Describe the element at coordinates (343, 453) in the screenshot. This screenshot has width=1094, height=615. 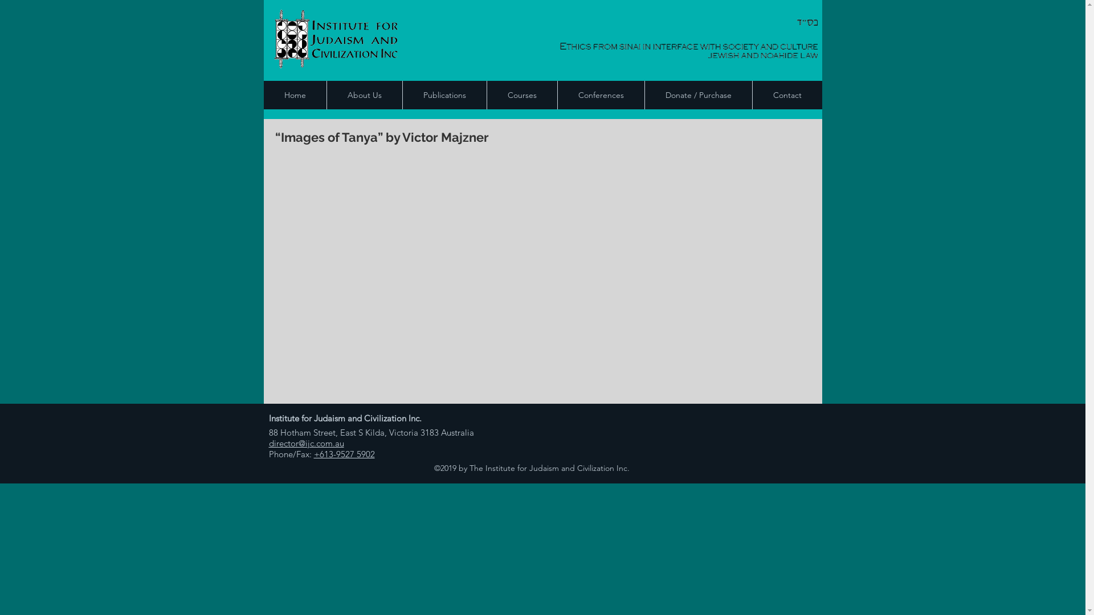
I see `'+613-9527 5902'` at that location.